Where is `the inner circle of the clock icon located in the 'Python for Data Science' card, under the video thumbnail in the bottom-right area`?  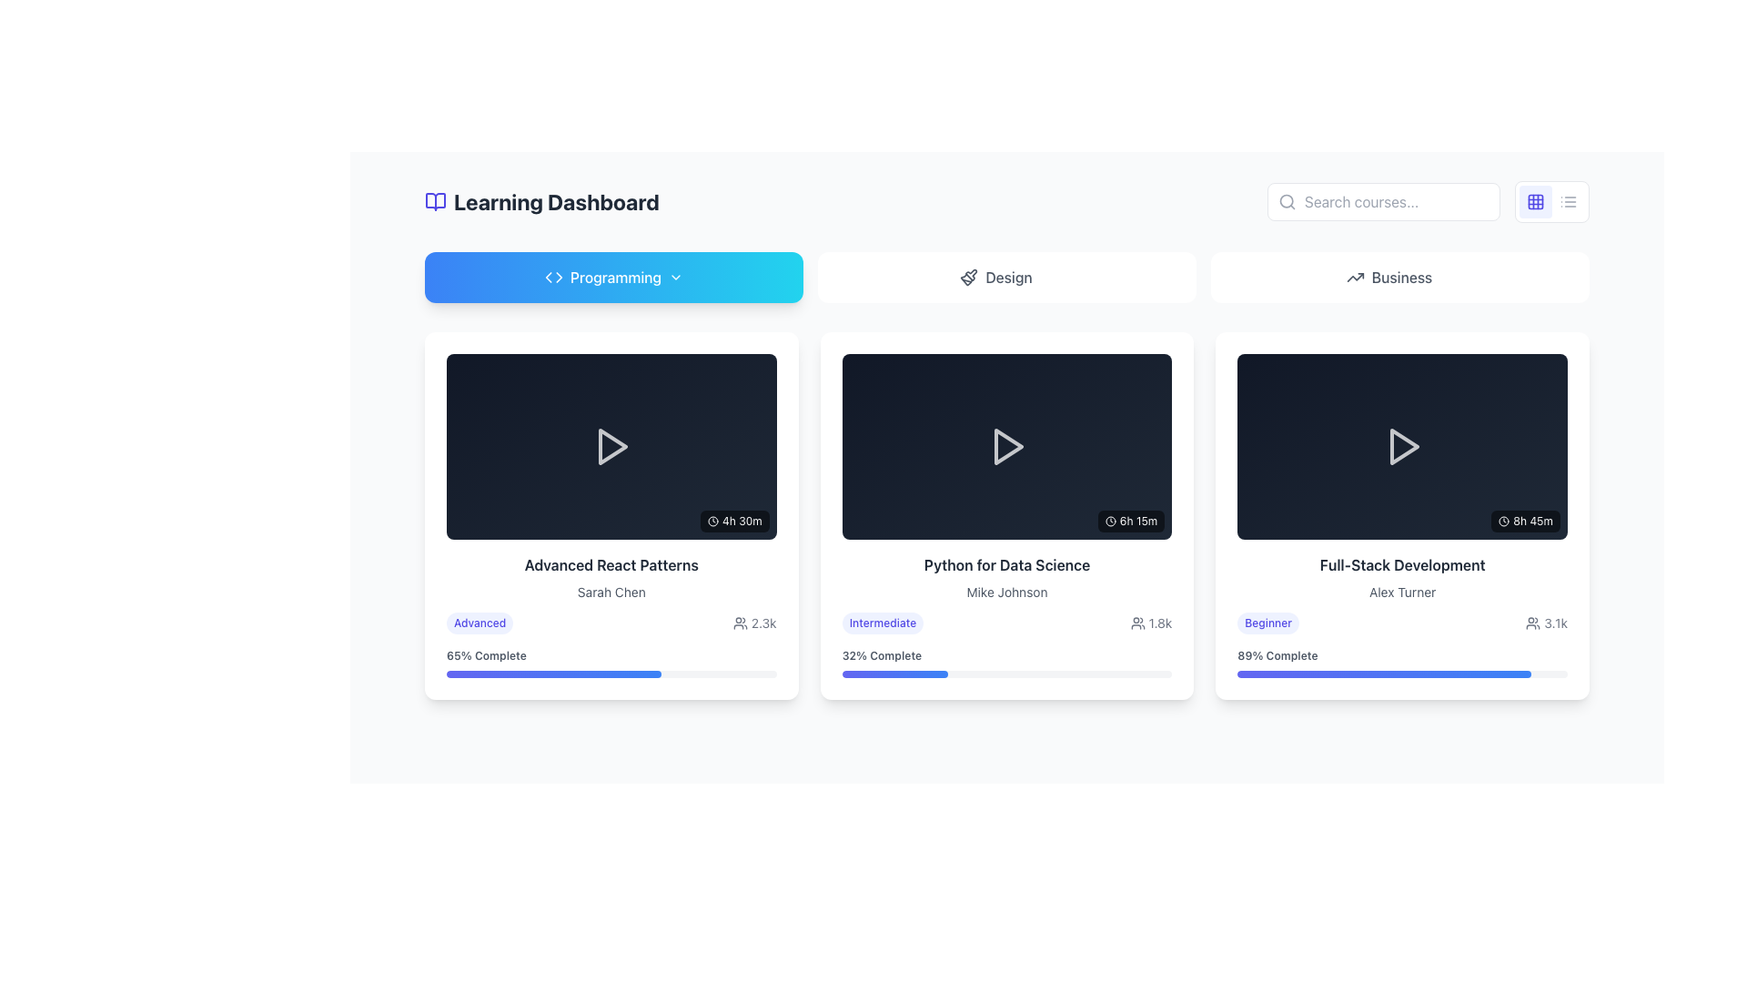
the inner circle of the clock icon located in the 'Python for Data Science' card, under the video thumbnail in the bottom-right area is located at coordinates (1109, 522).